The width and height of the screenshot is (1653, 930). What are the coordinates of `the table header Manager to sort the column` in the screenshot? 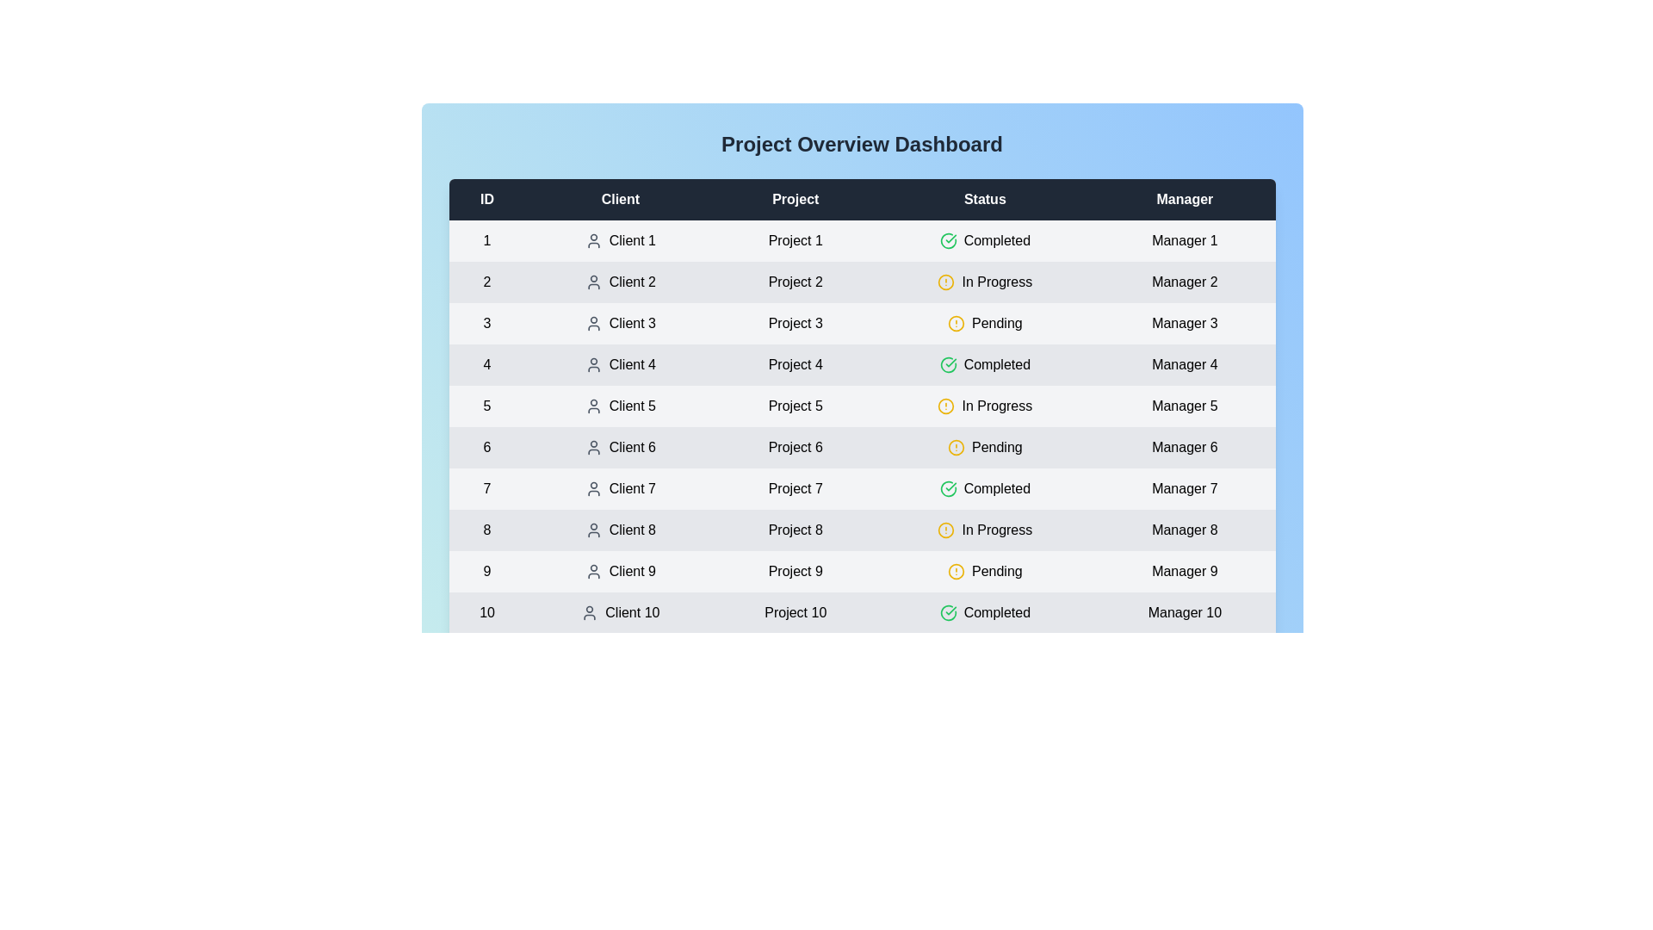 It's located at (1184, 198).